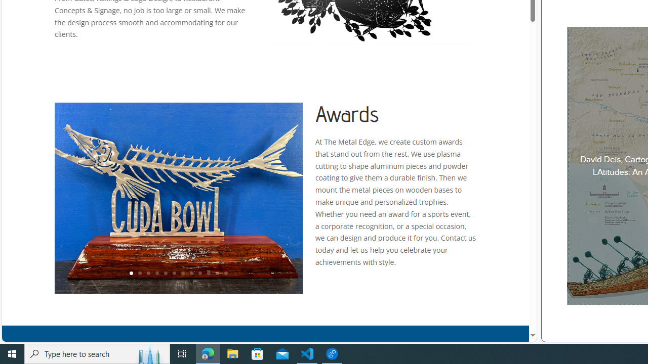  Describe the element at coordinates (191, 274) in the screenshot. I see `'8'` at that location.